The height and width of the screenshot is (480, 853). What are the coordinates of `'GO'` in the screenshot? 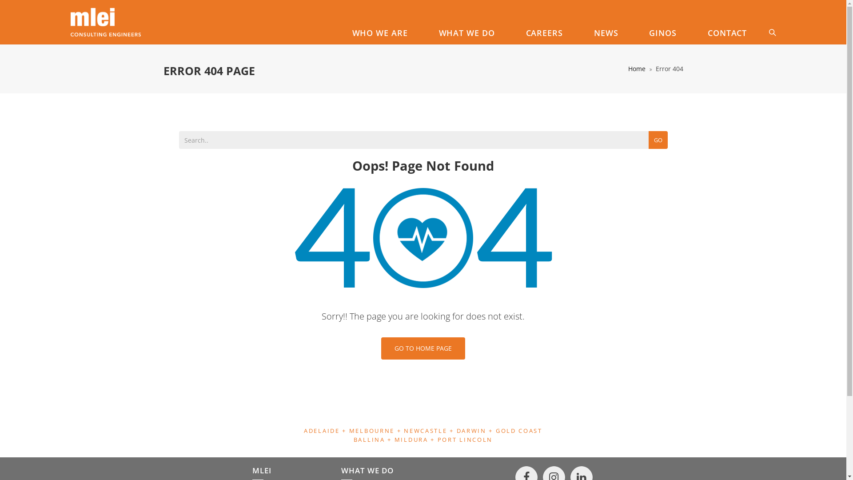 It's located at (648, 140).